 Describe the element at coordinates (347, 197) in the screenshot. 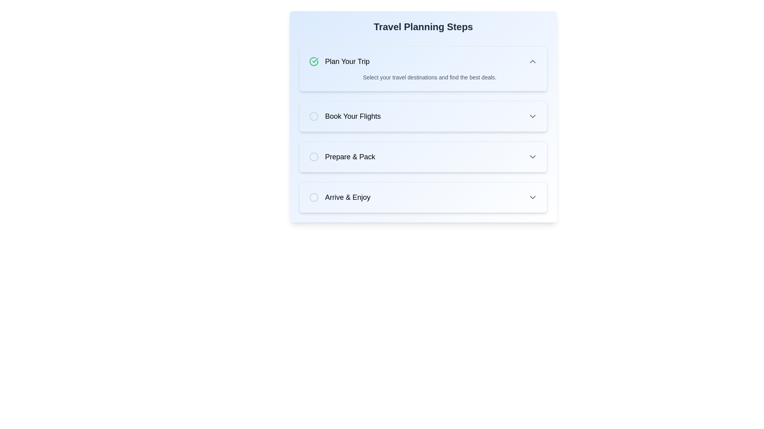

I see `text label for the step 'Arrive & Enjoy', which is the last item in a vertical list of steps, positioned to the right of the last circular icon` at that location.